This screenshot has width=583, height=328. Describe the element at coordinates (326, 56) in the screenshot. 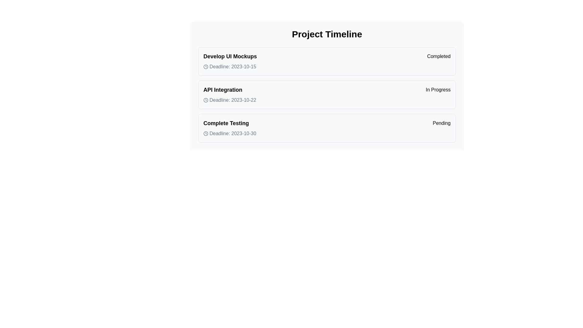

I see `the badge indicator of the task block in the 'Project Timeline' section to change the task status` at that location.